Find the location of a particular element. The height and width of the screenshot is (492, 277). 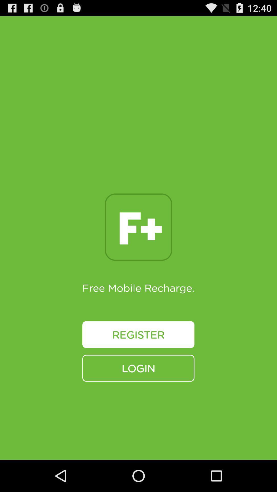

item below the register item is located at coordinates (138, 368).